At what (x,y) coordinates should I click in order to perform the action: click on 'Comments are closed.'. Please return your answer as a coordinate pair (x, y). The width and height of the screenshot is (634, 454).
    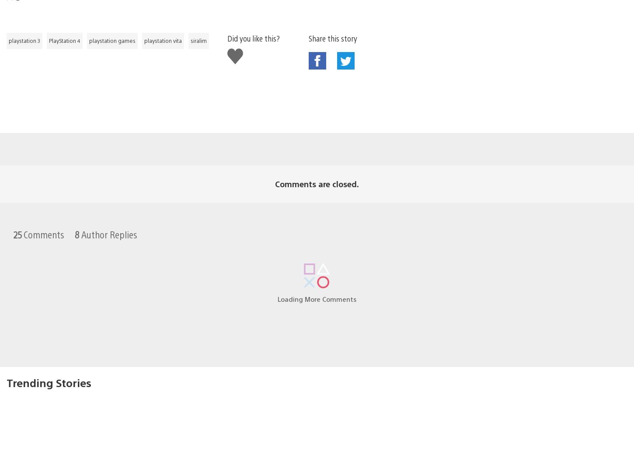
    Looking at the image, I should click on (317, 170).